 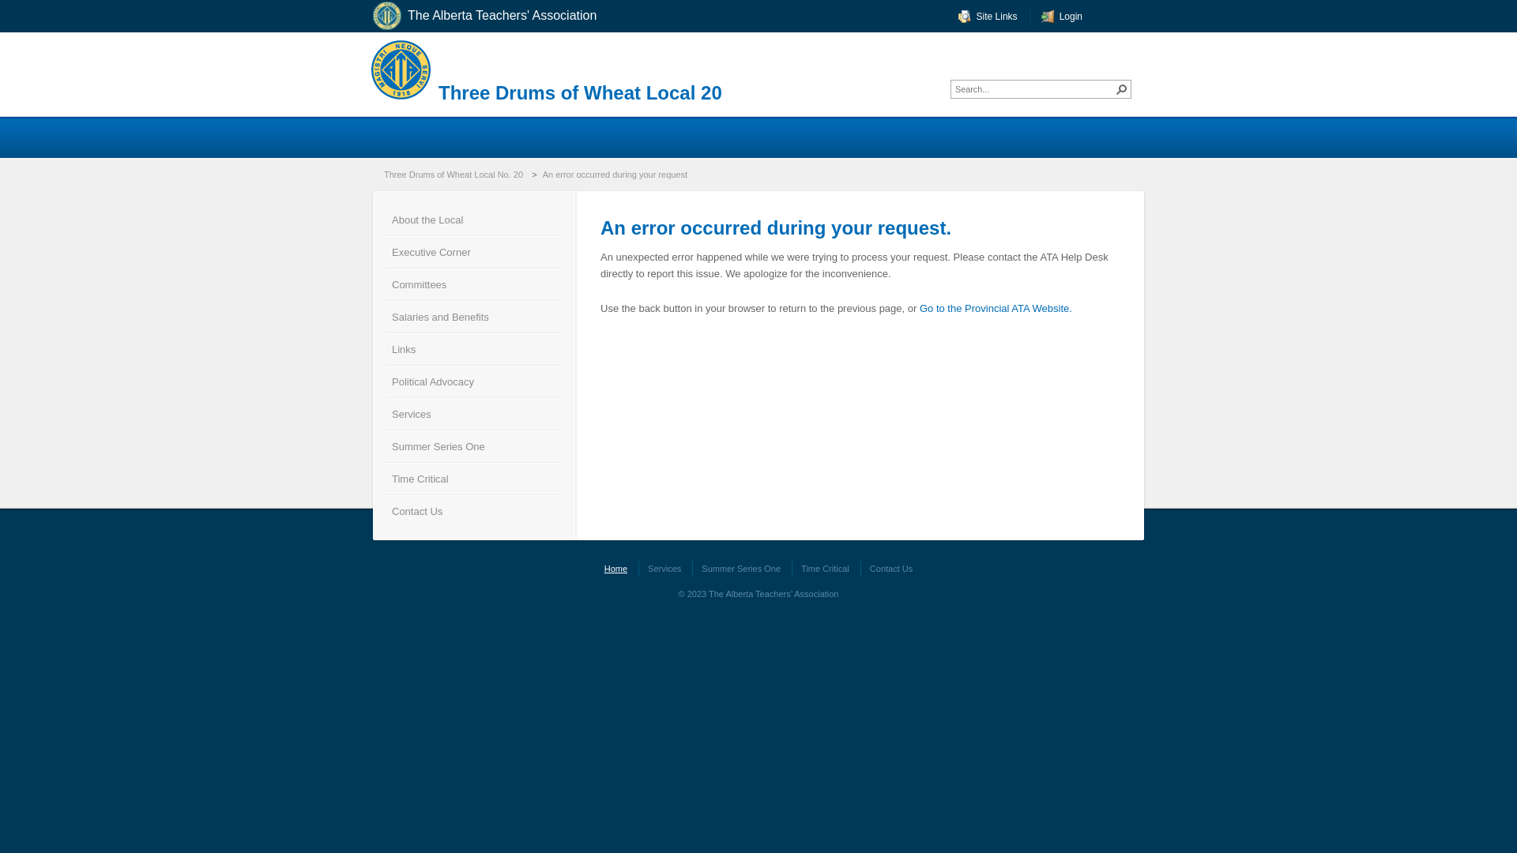 I want to click on 'Three Drums of Wheat Local No. 20', so click(x=380, y=174).